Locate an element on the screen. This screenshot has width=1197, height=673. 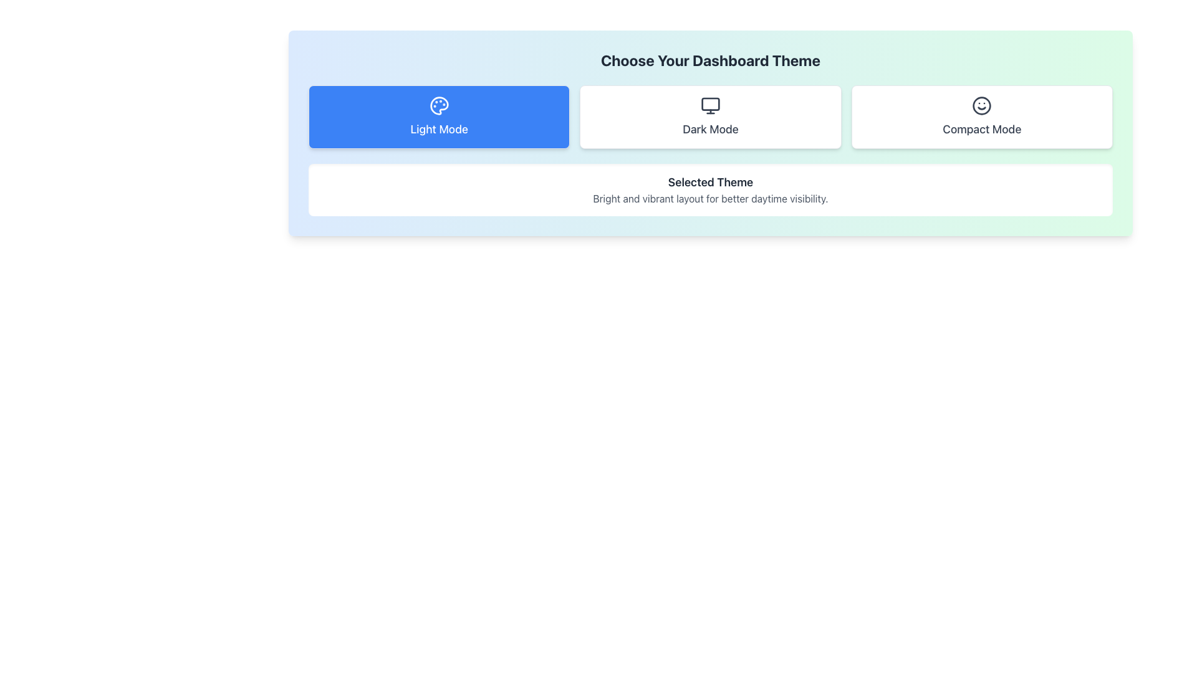
the text label for the 'Compact Mode' dashboard theme option, which assists users in selecting their preferred theme is located at coordinates (981, 130).